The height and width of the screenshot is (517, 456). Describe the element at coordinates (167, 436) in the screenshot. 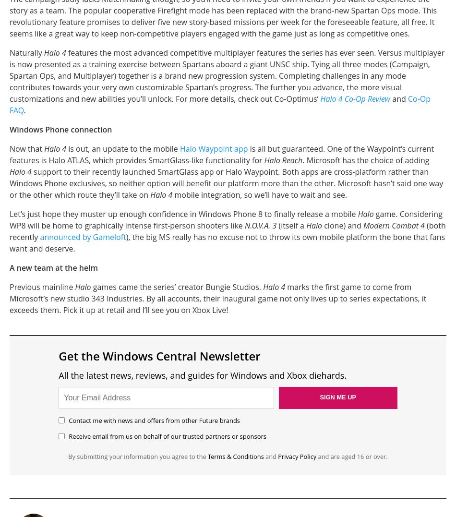

I see `'Receive email from us on behalf of our trusted partners or sponsors'` at that location.